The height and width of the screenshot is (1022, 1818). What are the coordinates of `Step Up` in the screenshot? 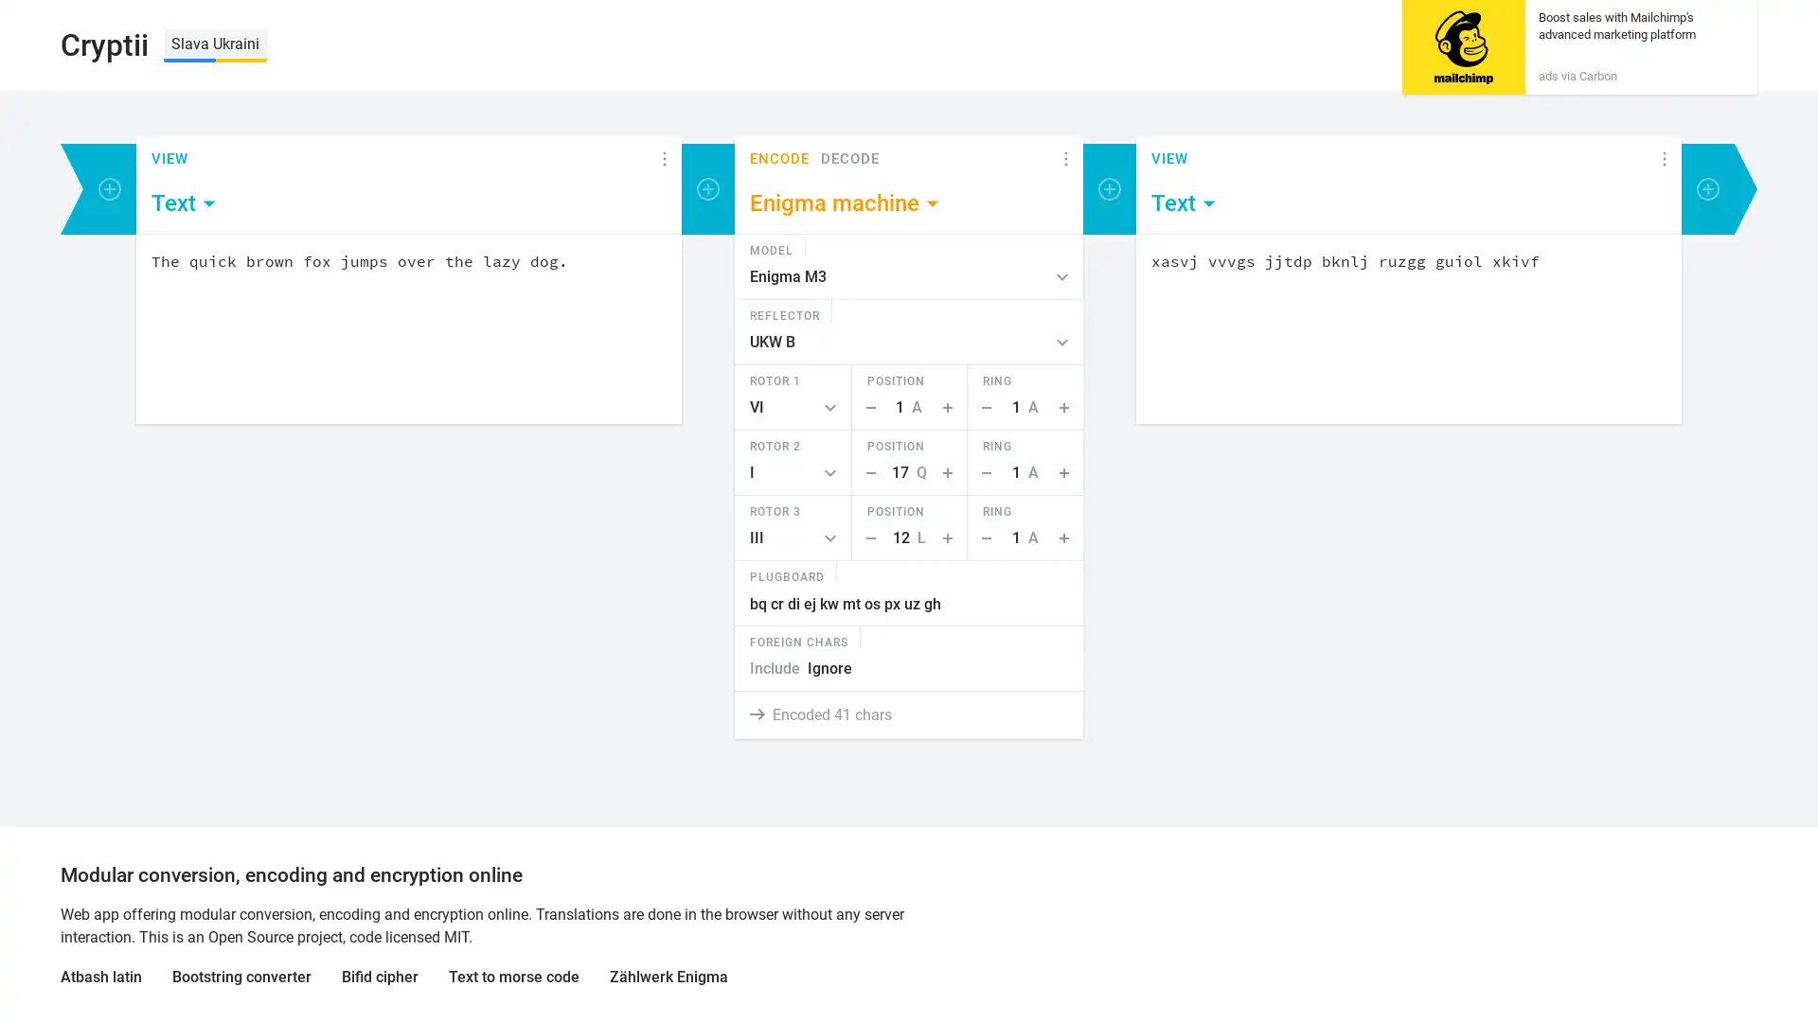 It's located at (1067, 538).